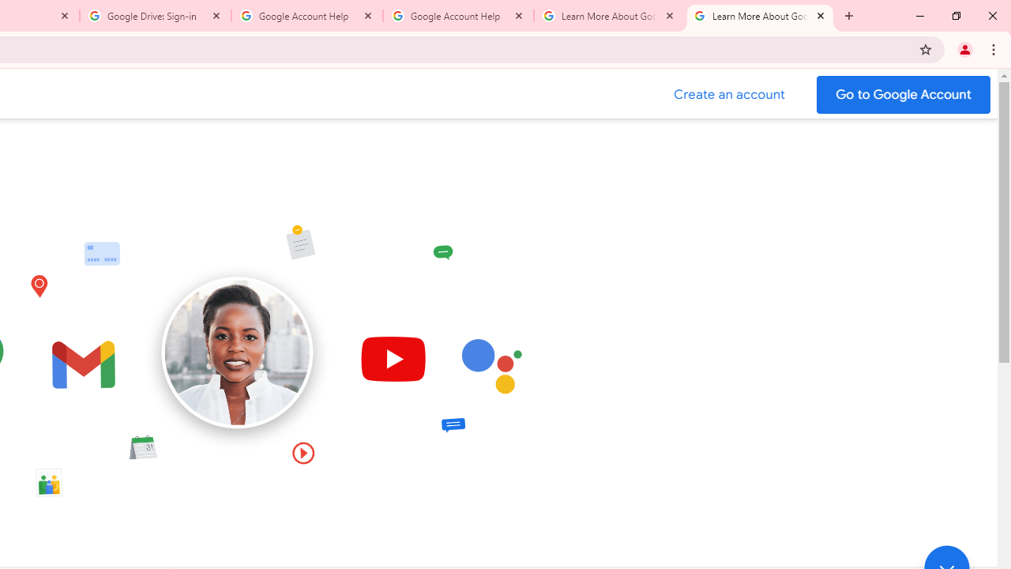 The width and height of the screenshot is (1011, 569). Describe the element at coordinates (904, 94) in the screenshot. I see `'Go to your Google Account'` at that location.